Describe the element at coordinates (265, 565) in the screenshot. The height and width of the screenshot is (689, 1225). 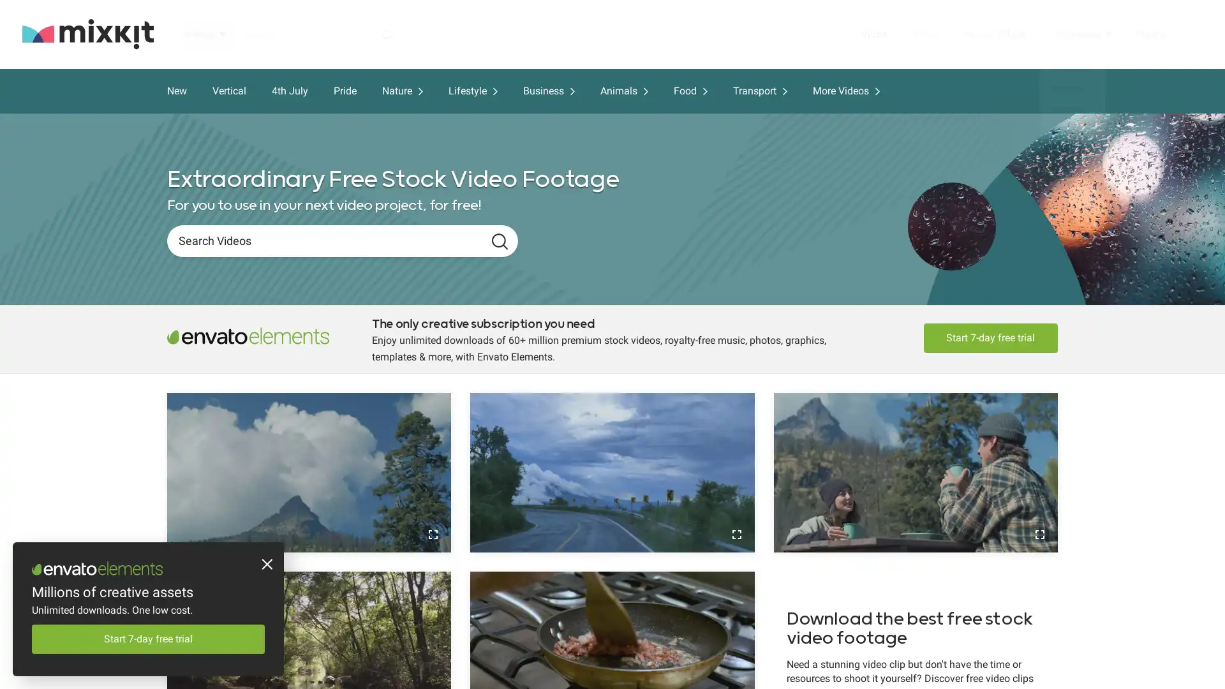
I see `Close` at that location.